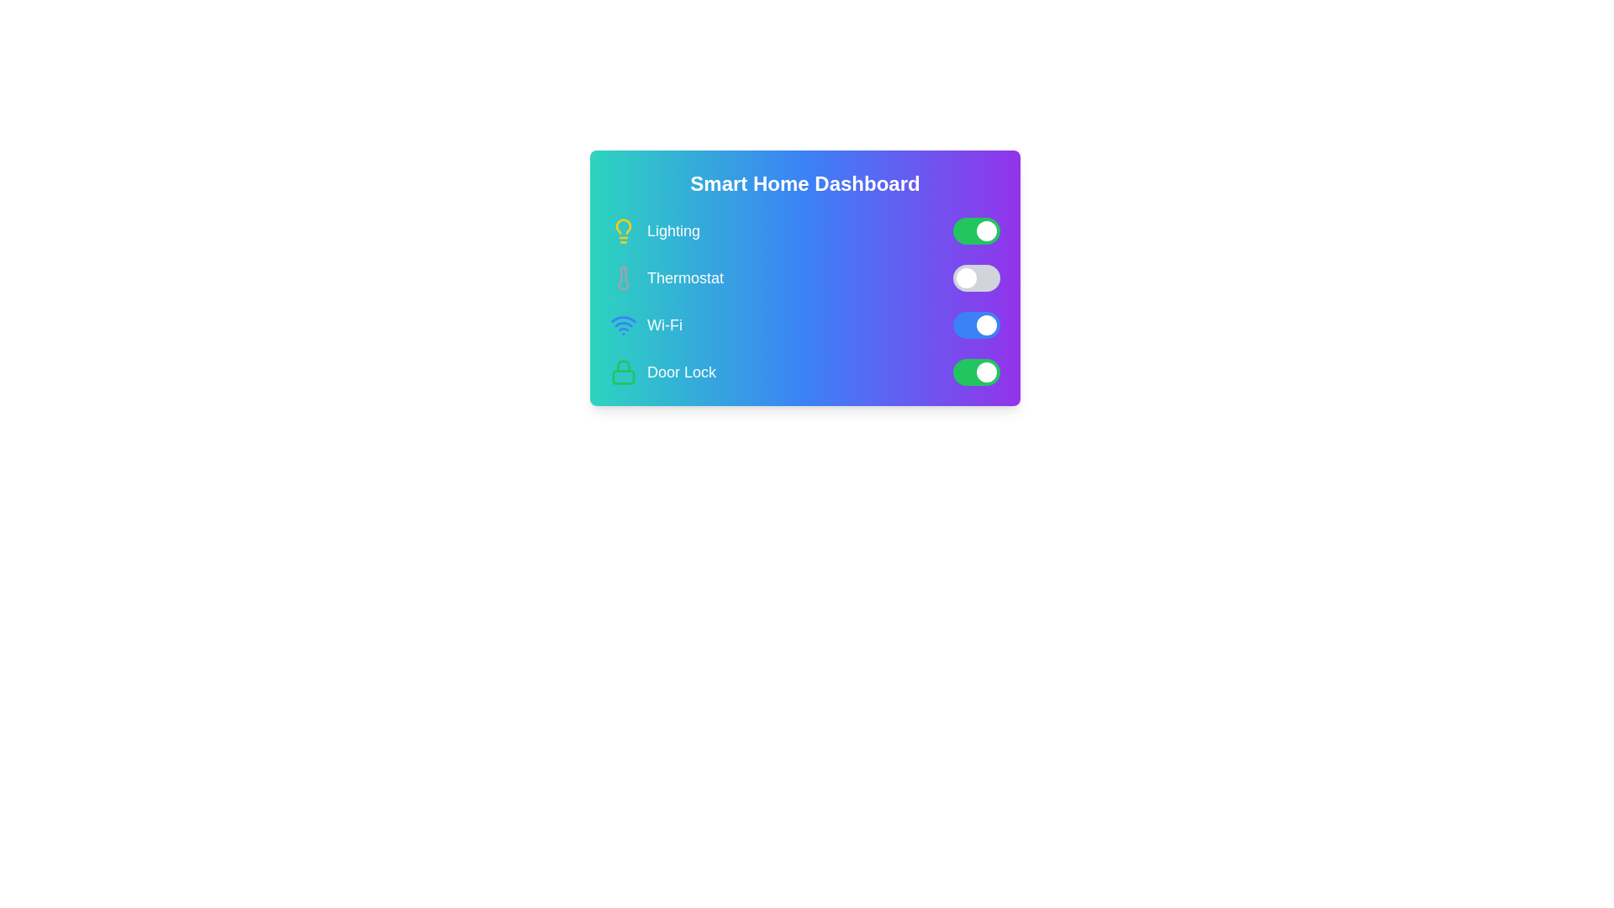  I want to click on the 'Door Lock' text label, which is the fourth item in the vertically stacked list under the 'Smart Home Dashboard' header, positioned to the right of a green lock icon and above a toggle switch, so click(682, 372).